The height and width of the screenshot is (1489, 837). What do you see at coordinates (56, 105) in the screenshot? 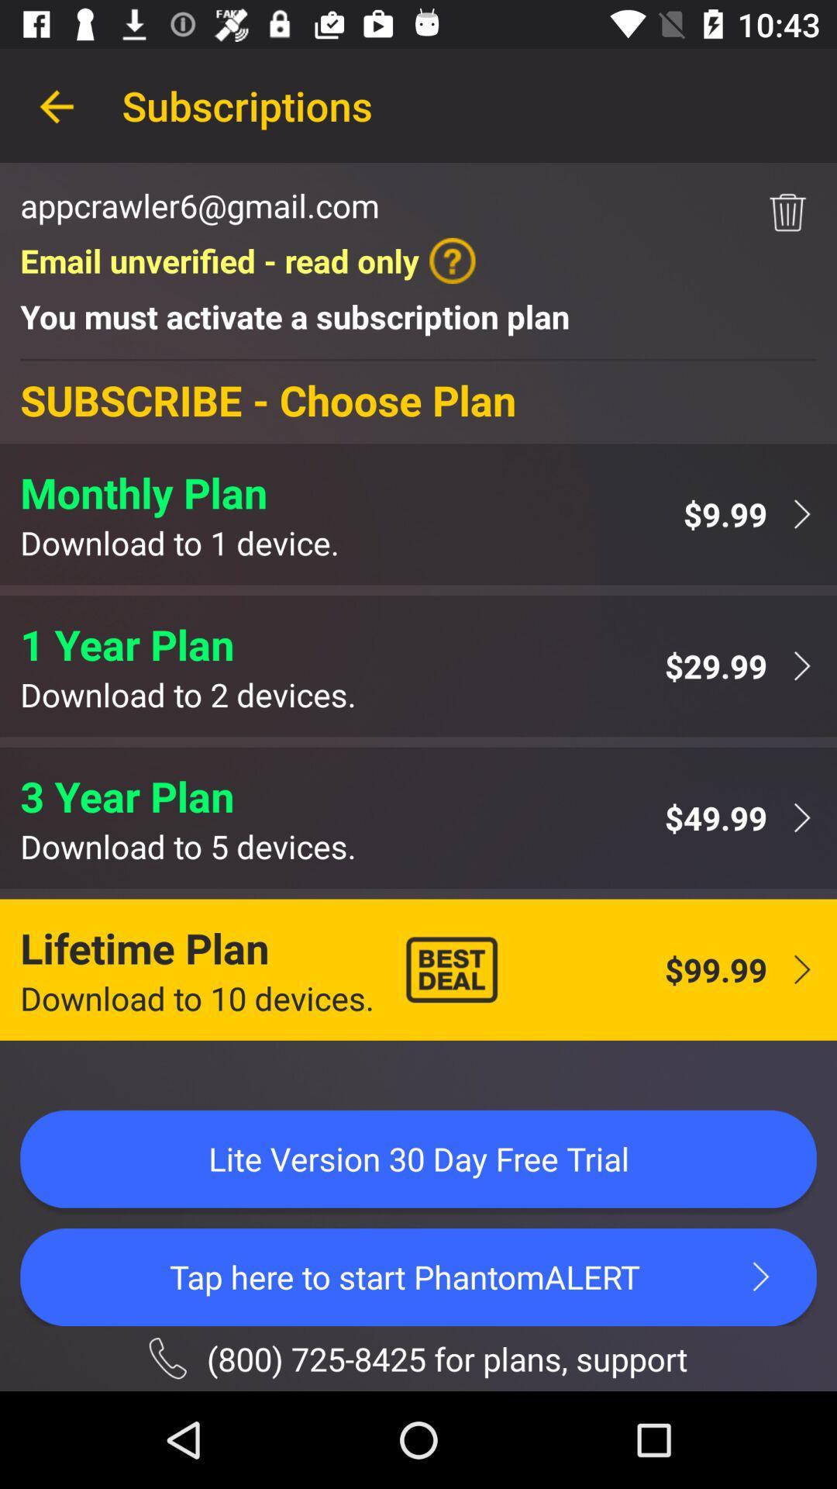
I see `item to the left of the subscriptions item` at bounding box center [56, 105].